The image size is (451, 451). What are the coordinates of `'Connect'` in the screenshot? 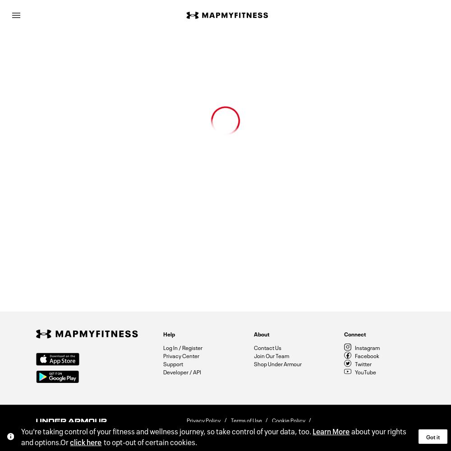 It's located at (354, 333).